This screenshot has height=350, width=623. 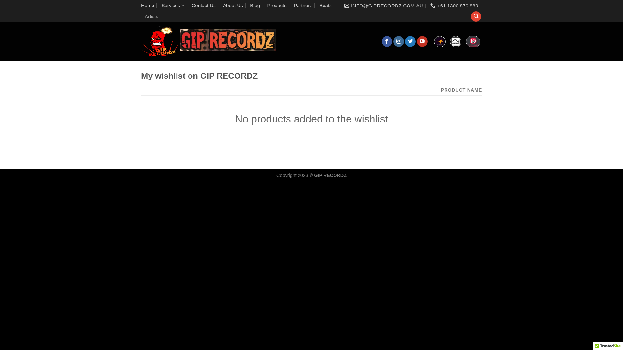 What do you see at coordinates (151, 16) in the screenshot?
I see `'Artists'` at bounding box center [151, 16].